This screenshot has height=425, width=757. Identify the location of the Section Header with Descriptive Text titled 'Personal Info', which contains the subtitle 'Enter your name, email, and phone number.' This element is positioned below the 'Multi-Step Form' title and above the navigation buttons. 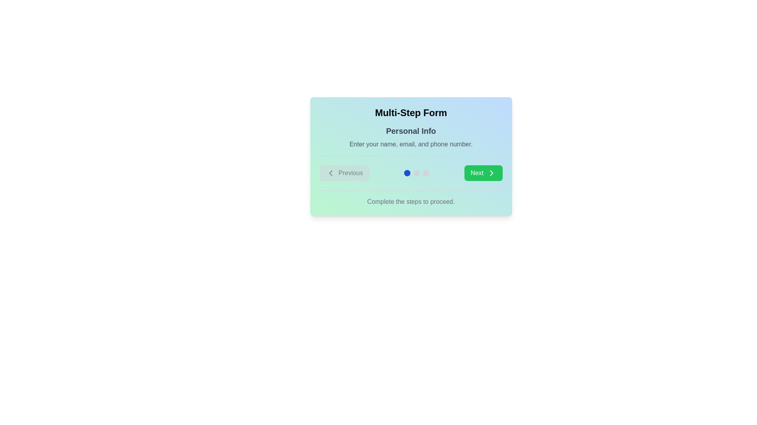
(410, 140).